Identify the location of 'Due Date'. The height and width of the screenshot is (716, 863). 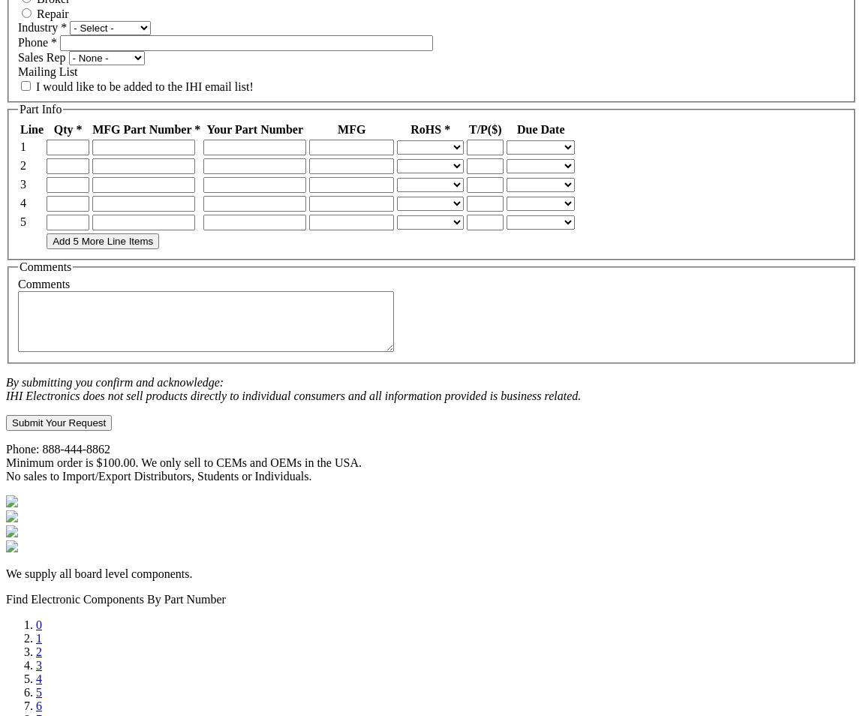
(516, 128).